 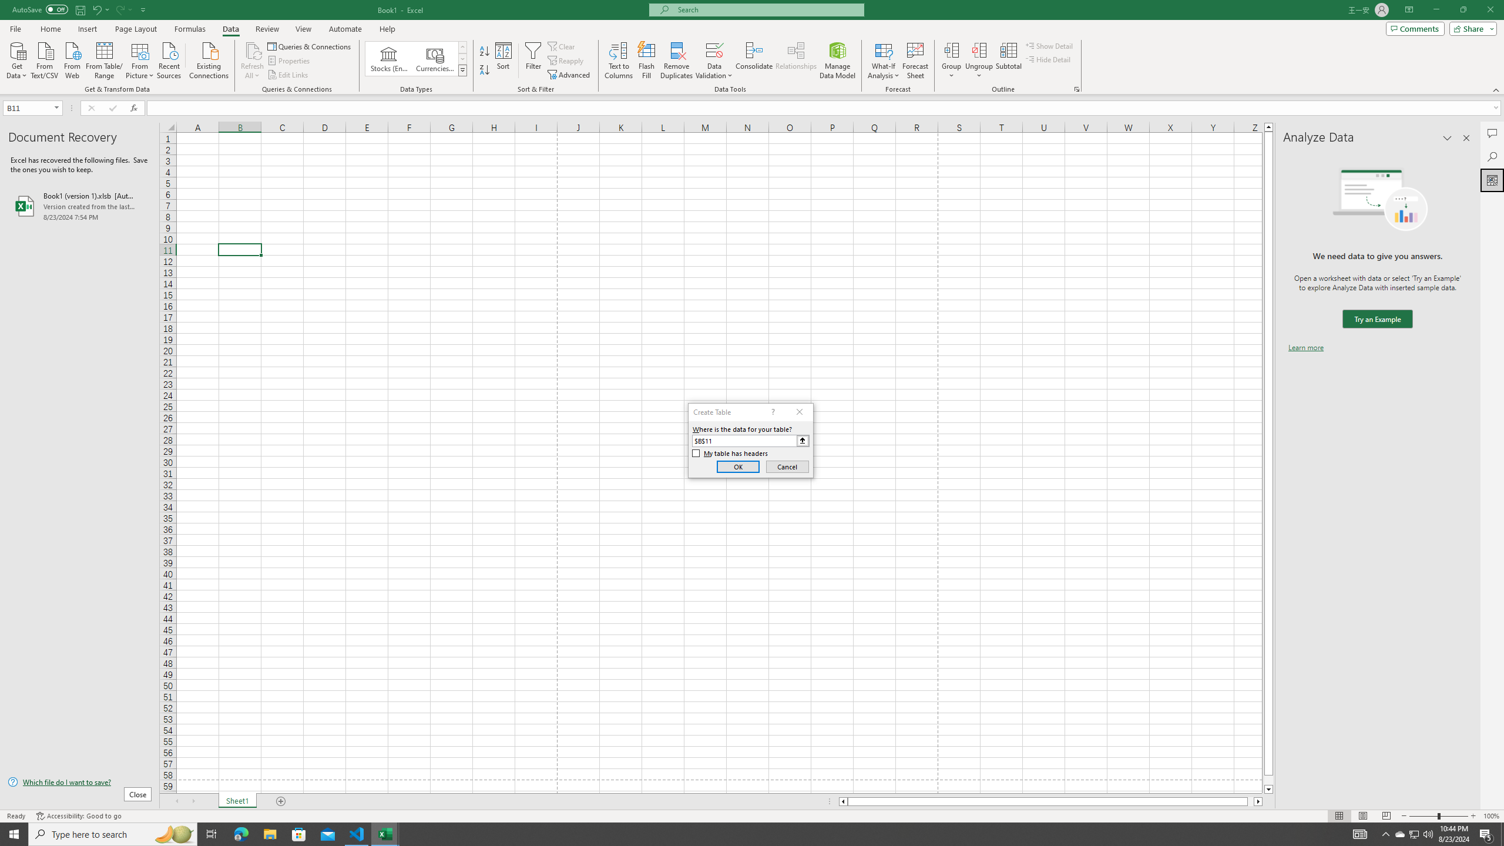 What do you see at coordinates (1008, 61) in the screenshot?
I see `'Subtotal'` at bounding box center [1008, 61].